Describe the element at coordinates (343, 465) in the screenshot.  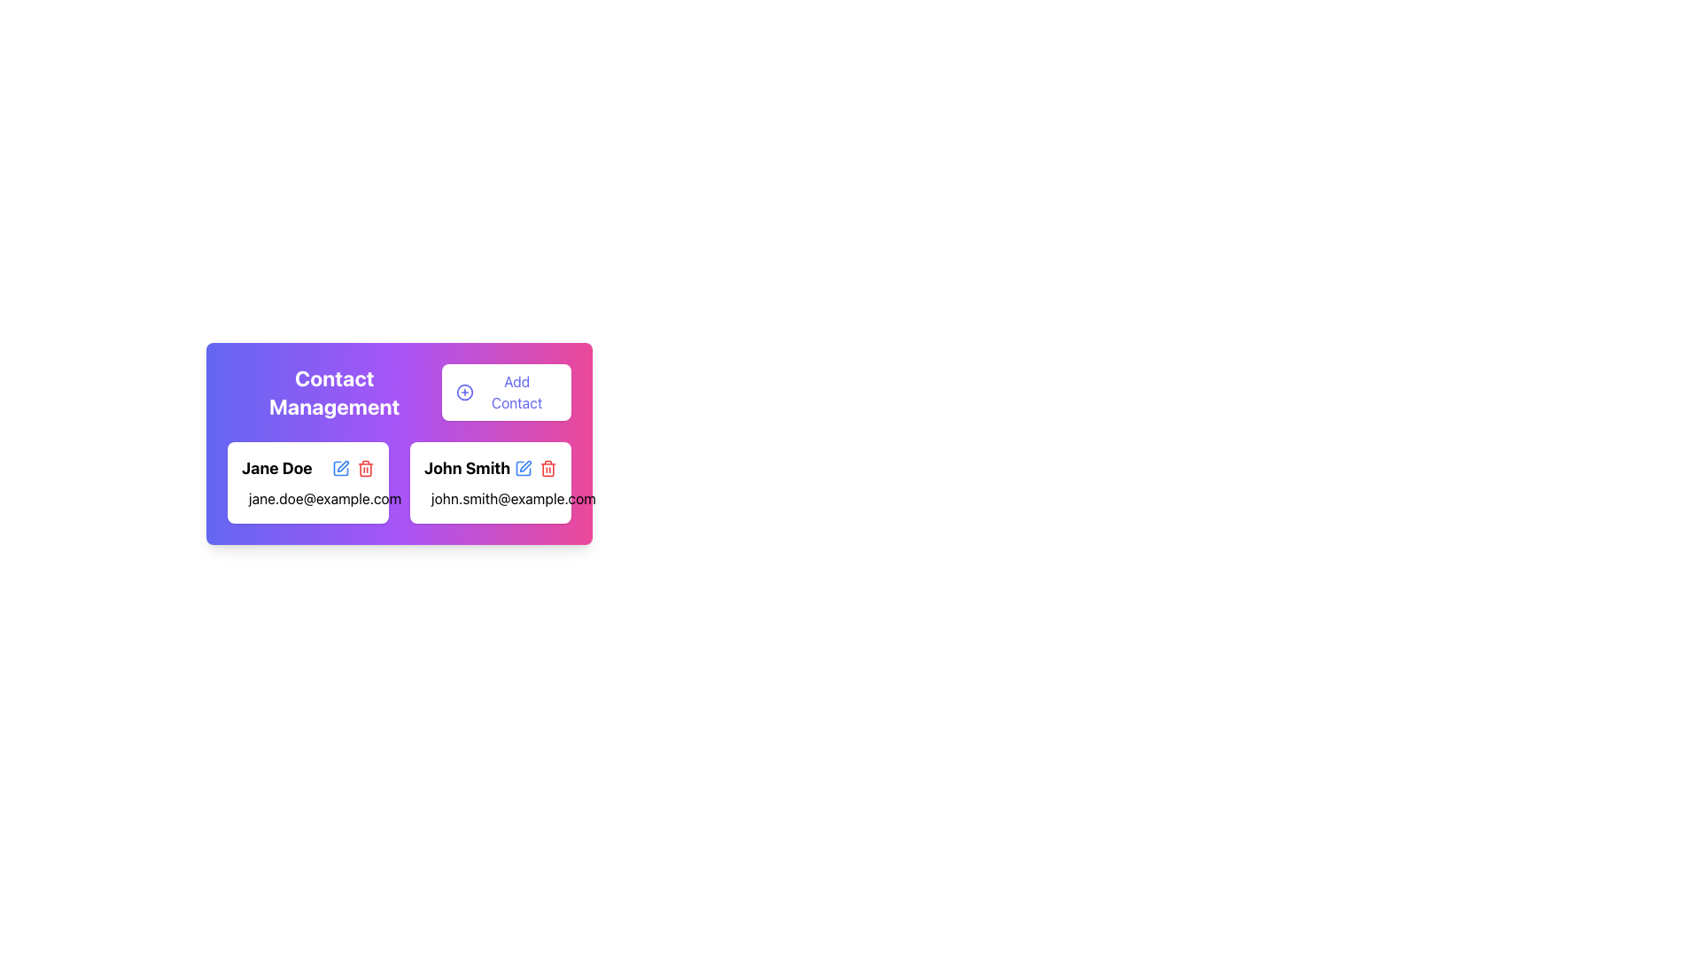
I see `the pencil icon used for editing actions located in the right portion of the SVG geometry, which overlaps with the rightmost icon in the 'John Smith' contact card` at that location.